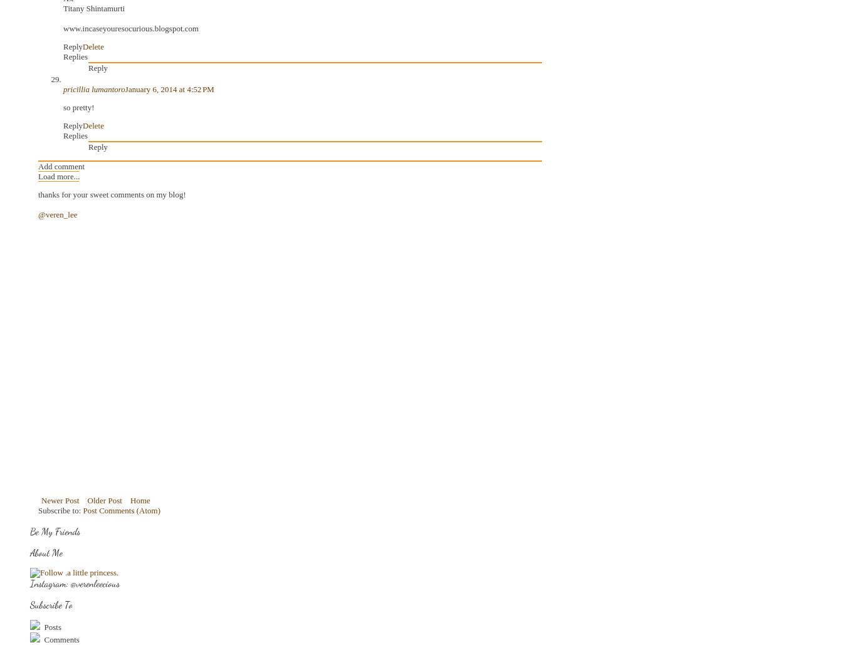 The height and width of the screenshot is (645, 861). I want to click on 'Comments', so click(60, 639).